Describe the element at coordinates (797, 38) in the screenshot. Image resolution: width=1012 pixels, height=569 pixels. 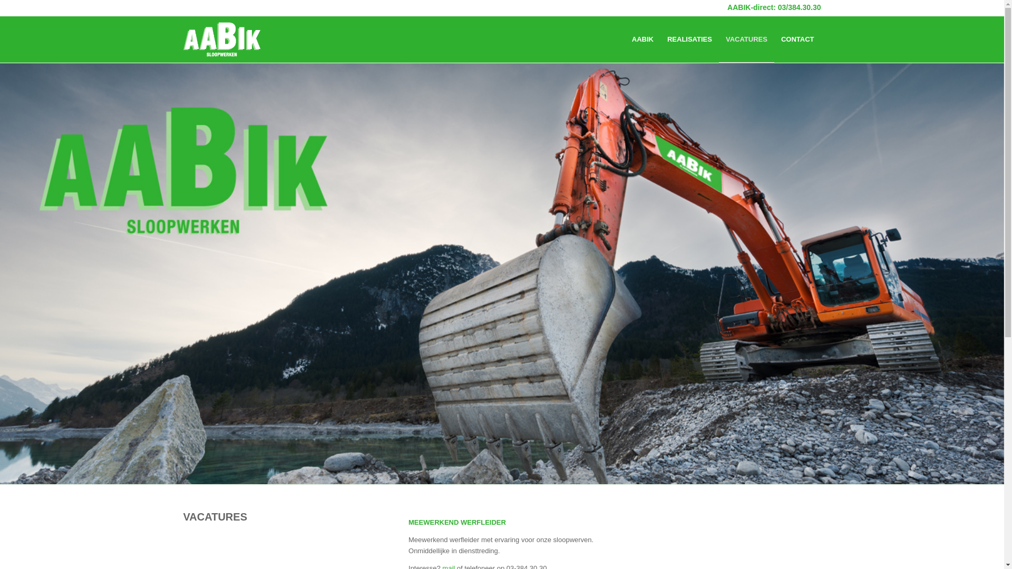
I see `'CONTACT'` at that location.